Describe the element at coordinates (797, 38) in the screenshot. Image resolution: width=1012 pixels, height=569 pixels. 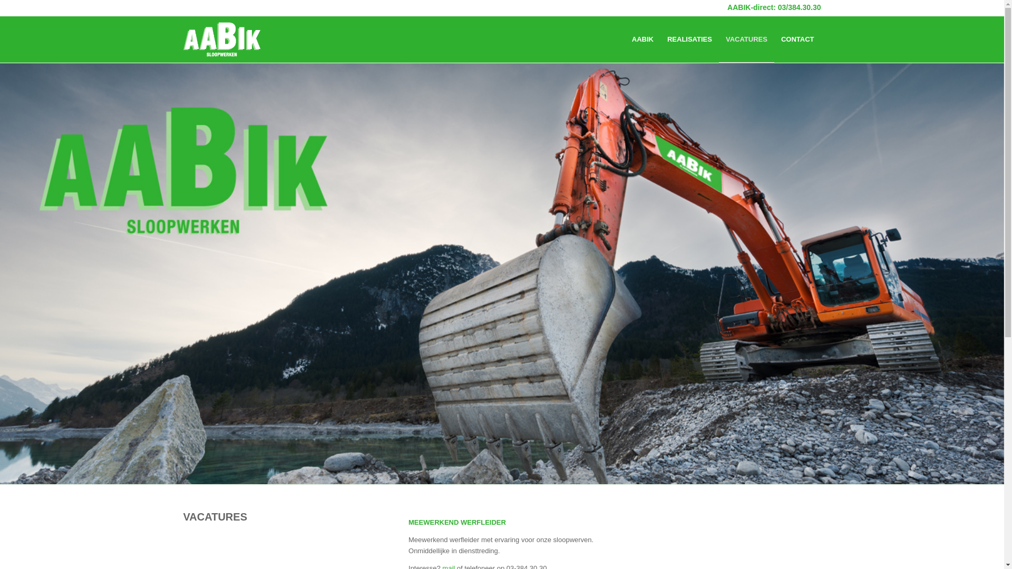
I see `'CONTACT'` at that location.